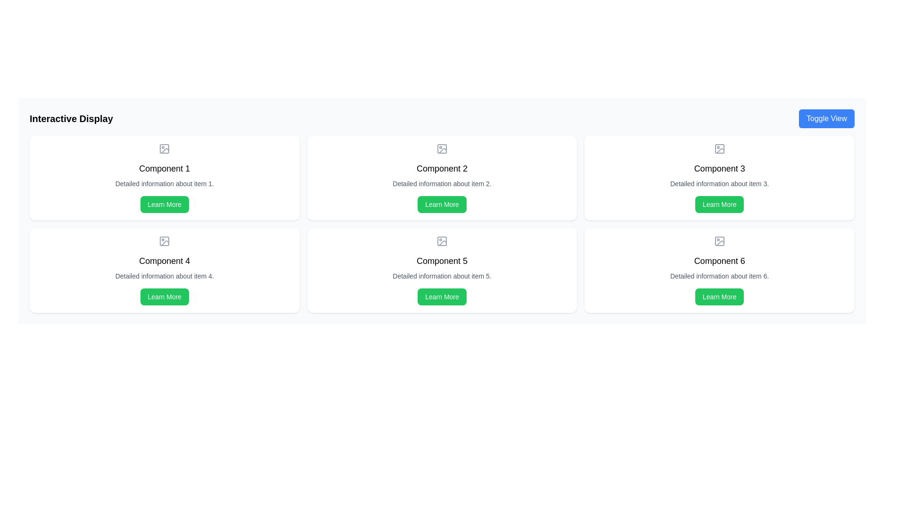 The height and width of the screenshot is (509, 905). I want to click on text label displaying 'Detailed information about item 4.' which is centered below the title 'Component 4' and above the 'Learn More' button in the fourth card of the grid layout, so click(165, 276).